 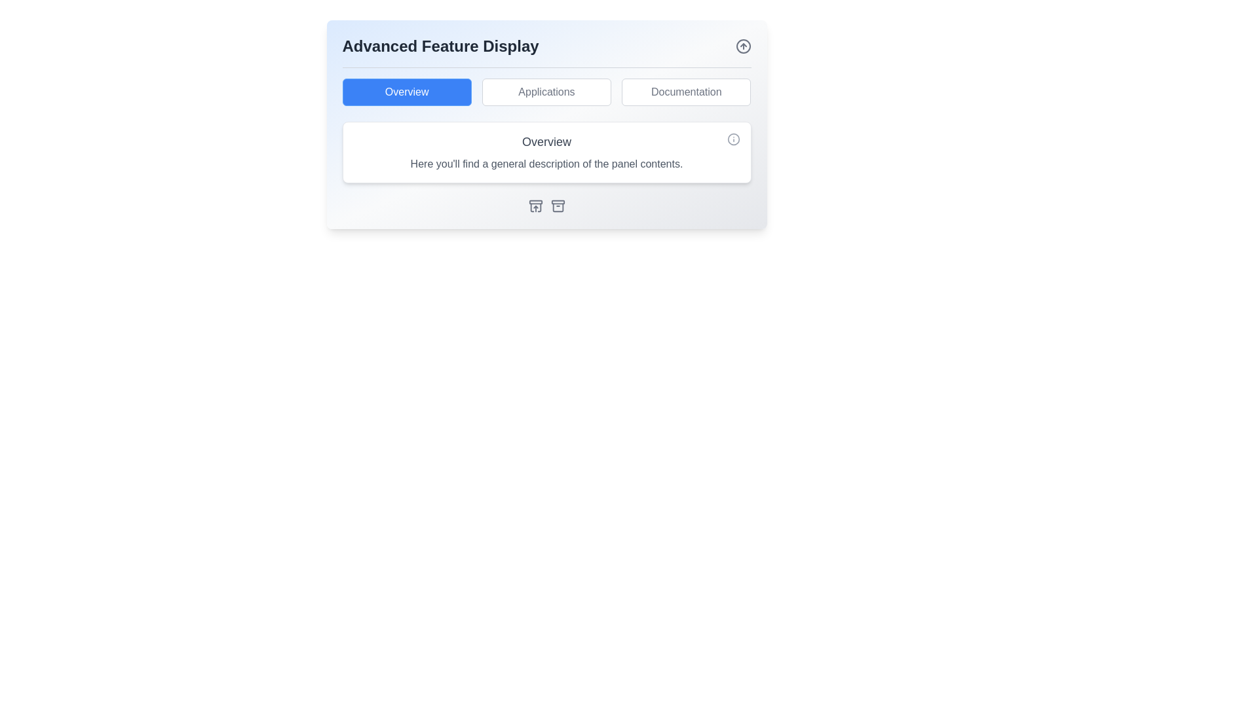 I want to click on the panel titled 'Advanced Feature Display', so click(x=546, y=124).